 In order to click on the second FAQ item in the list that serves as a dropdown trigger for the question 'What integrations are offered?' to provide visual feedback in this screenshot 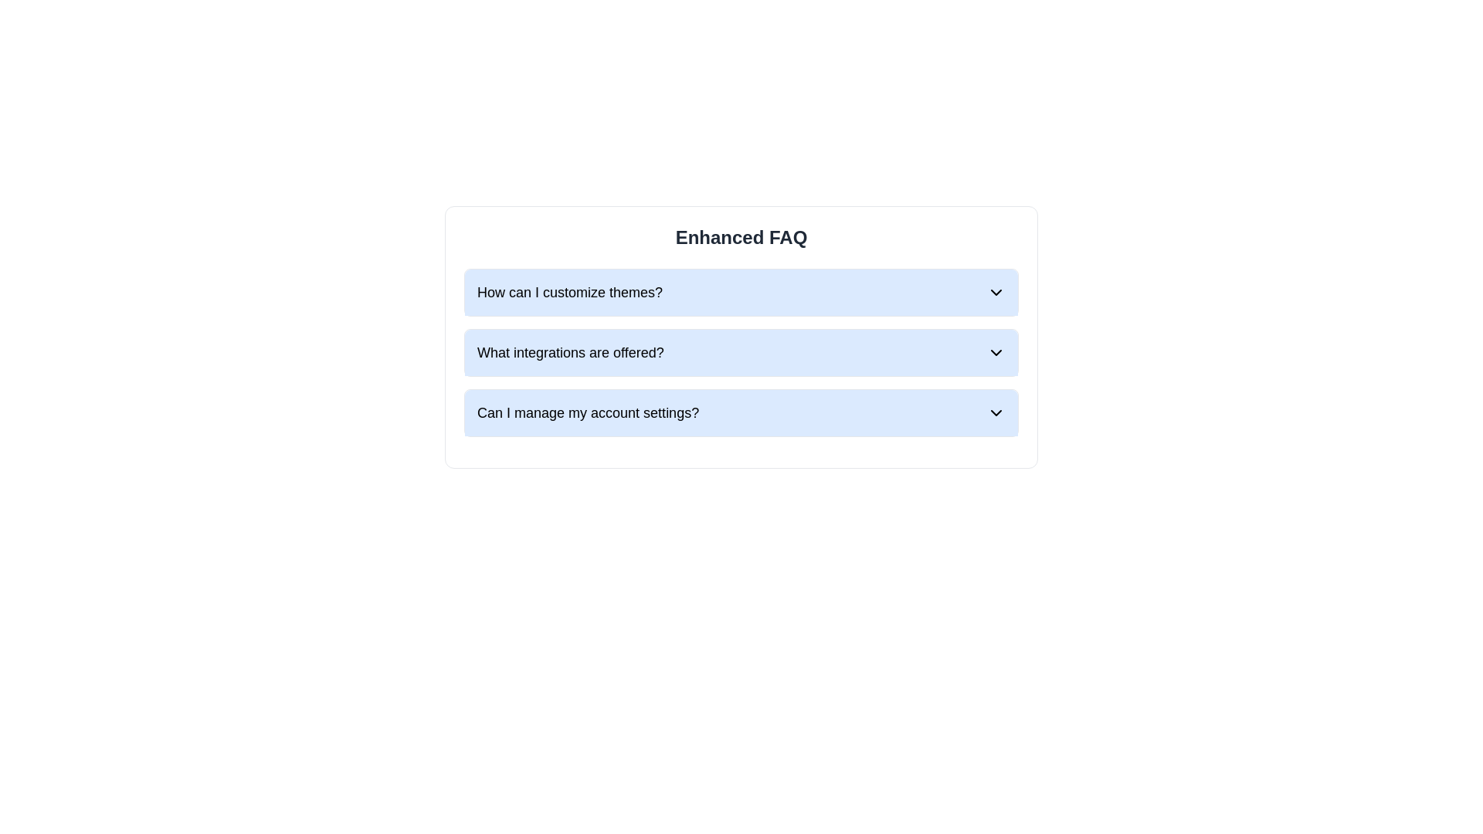, I will do `click(741, 352)`.